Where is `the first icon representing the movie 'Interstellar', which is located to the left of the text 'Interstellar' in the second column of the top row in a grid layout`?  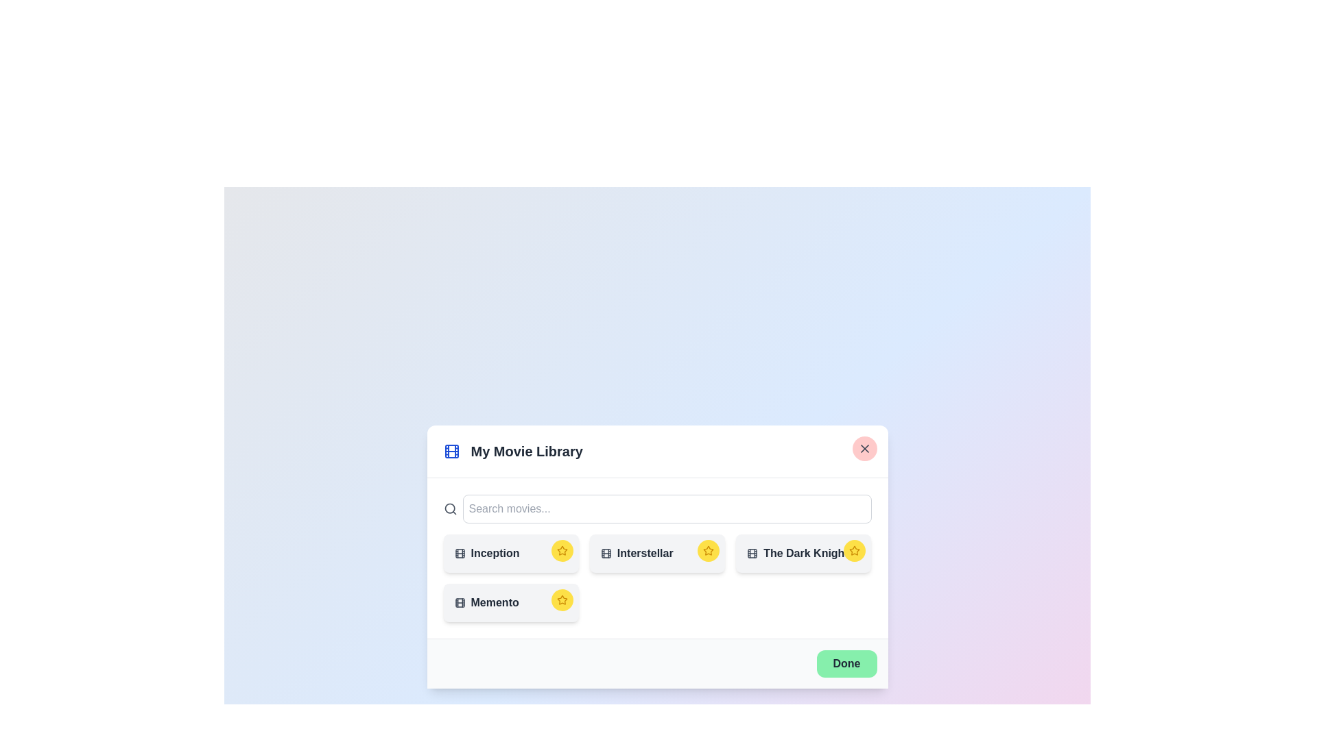 the first icon representing the movie 'Interstellar', which is located to the left of the text 'Interstellar' in the second column of the top row in a grid layout is located at coordinates (605, 552).